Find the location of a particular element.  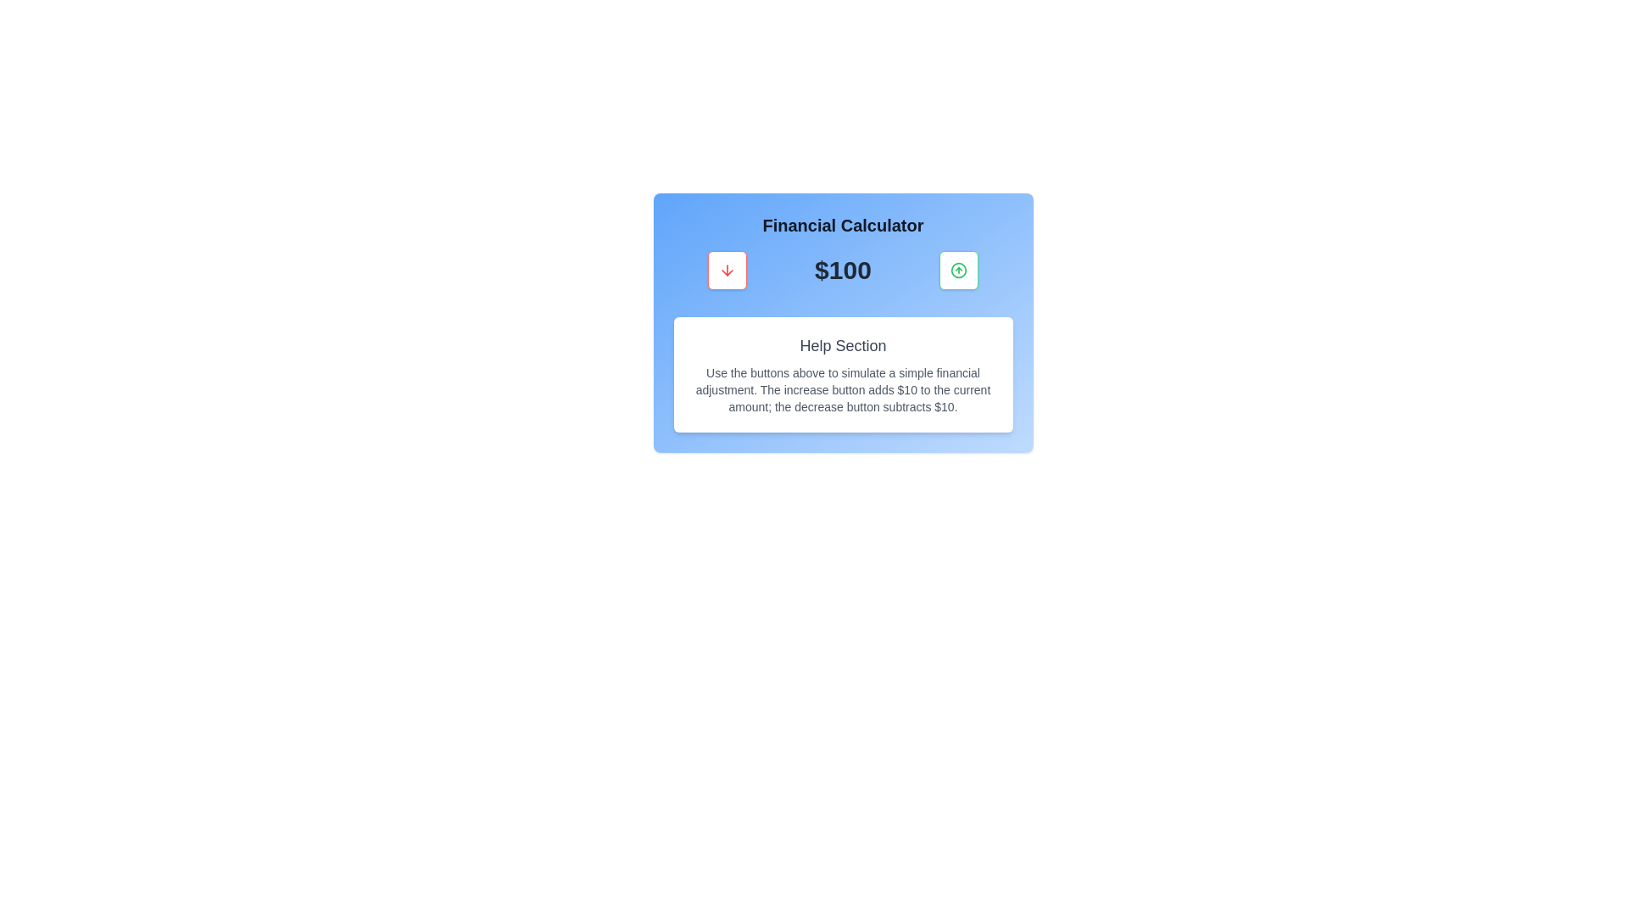

the decrease button located to the left of the displayed $100 value is located at coordinates (727, 270).